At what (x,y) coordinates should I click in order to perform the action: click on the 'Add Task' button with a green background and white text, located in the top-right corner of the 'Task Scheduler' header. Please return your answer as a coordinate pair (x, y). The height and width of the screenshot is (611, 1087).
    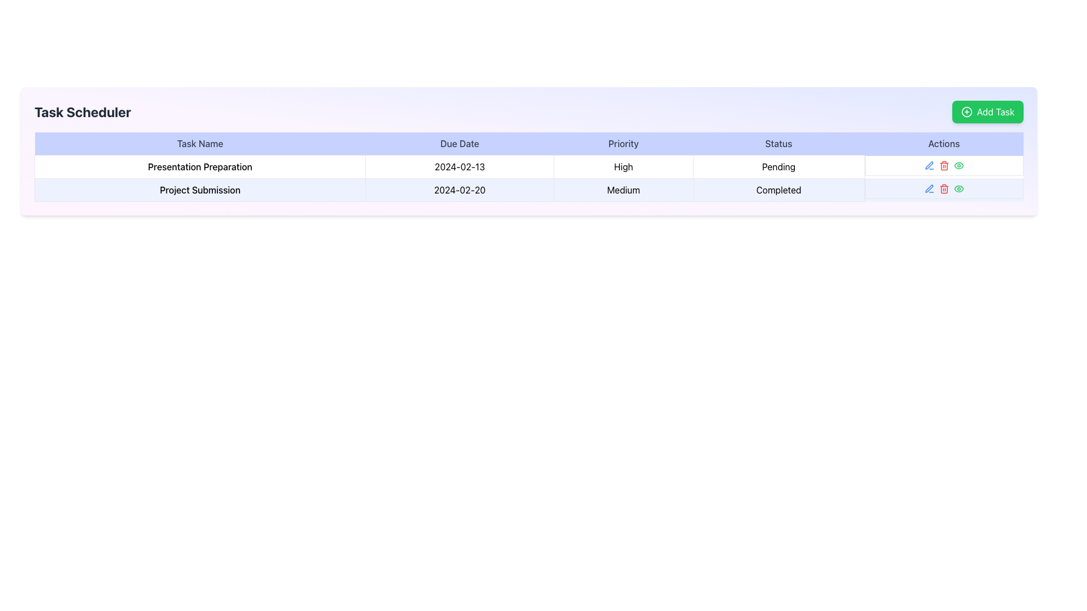
    Looking at the image, I should click on (987, 111).